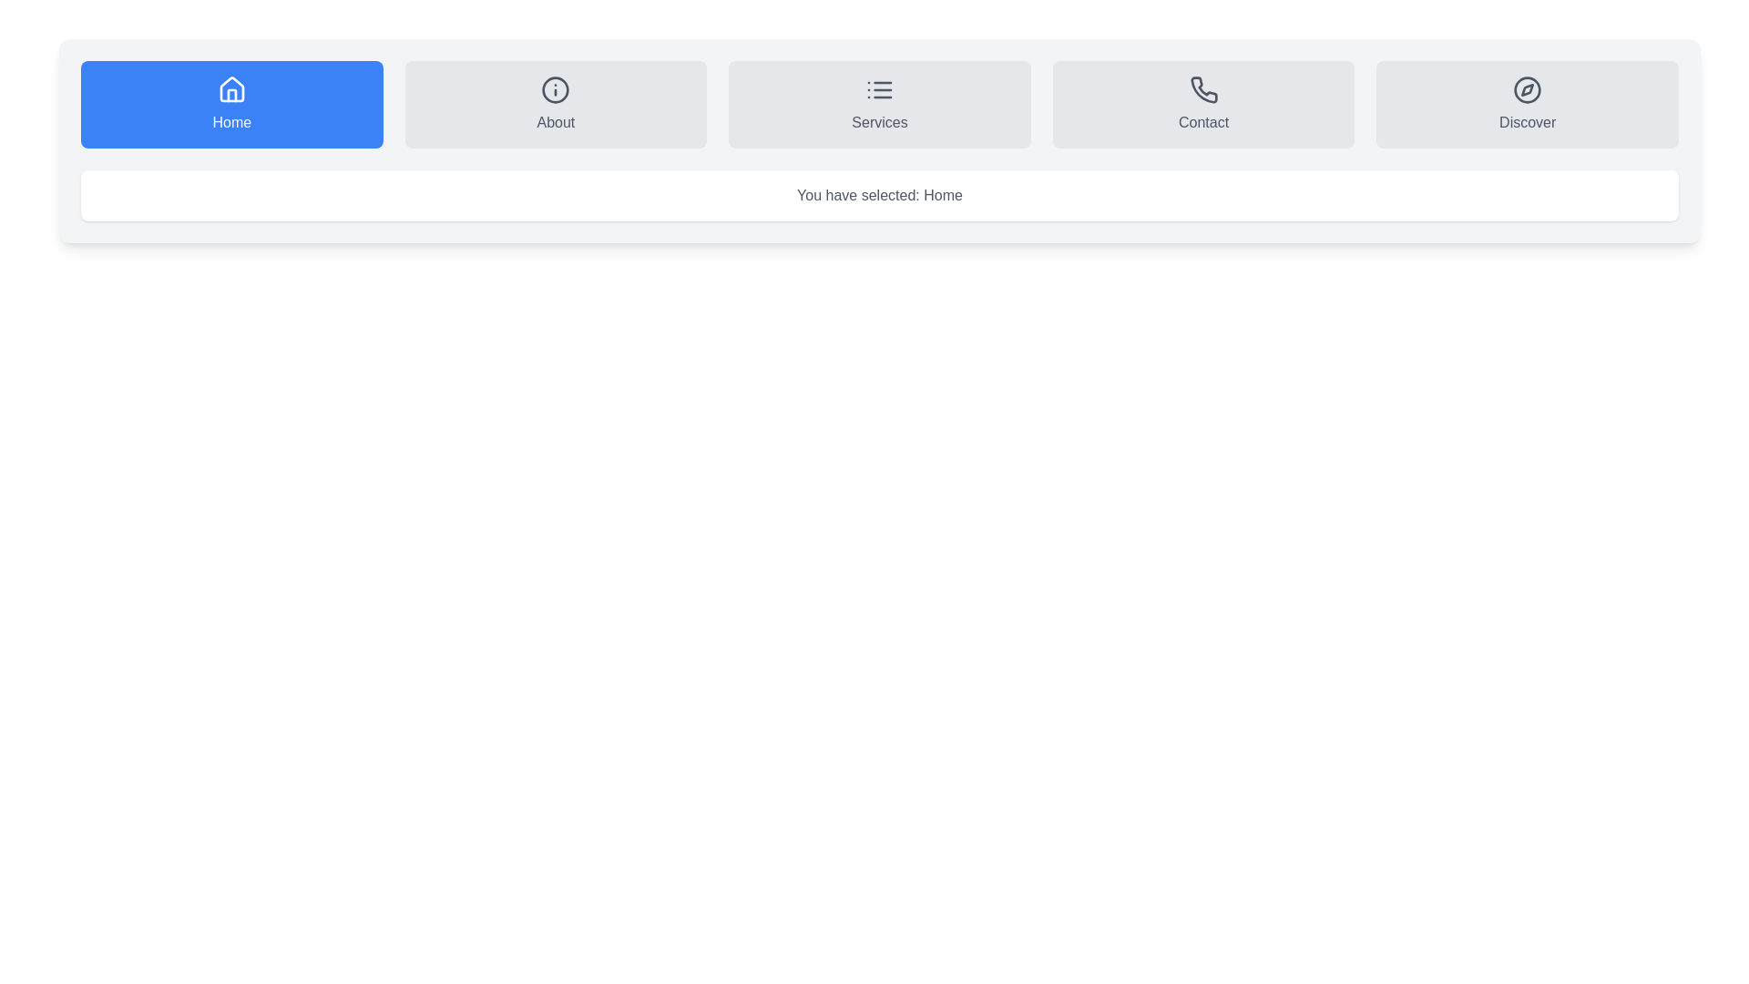  I want to click on the 'Home' text label in the navigation menu, which indicates its purpose as a button that navigates to the main page, so click(230, 123).